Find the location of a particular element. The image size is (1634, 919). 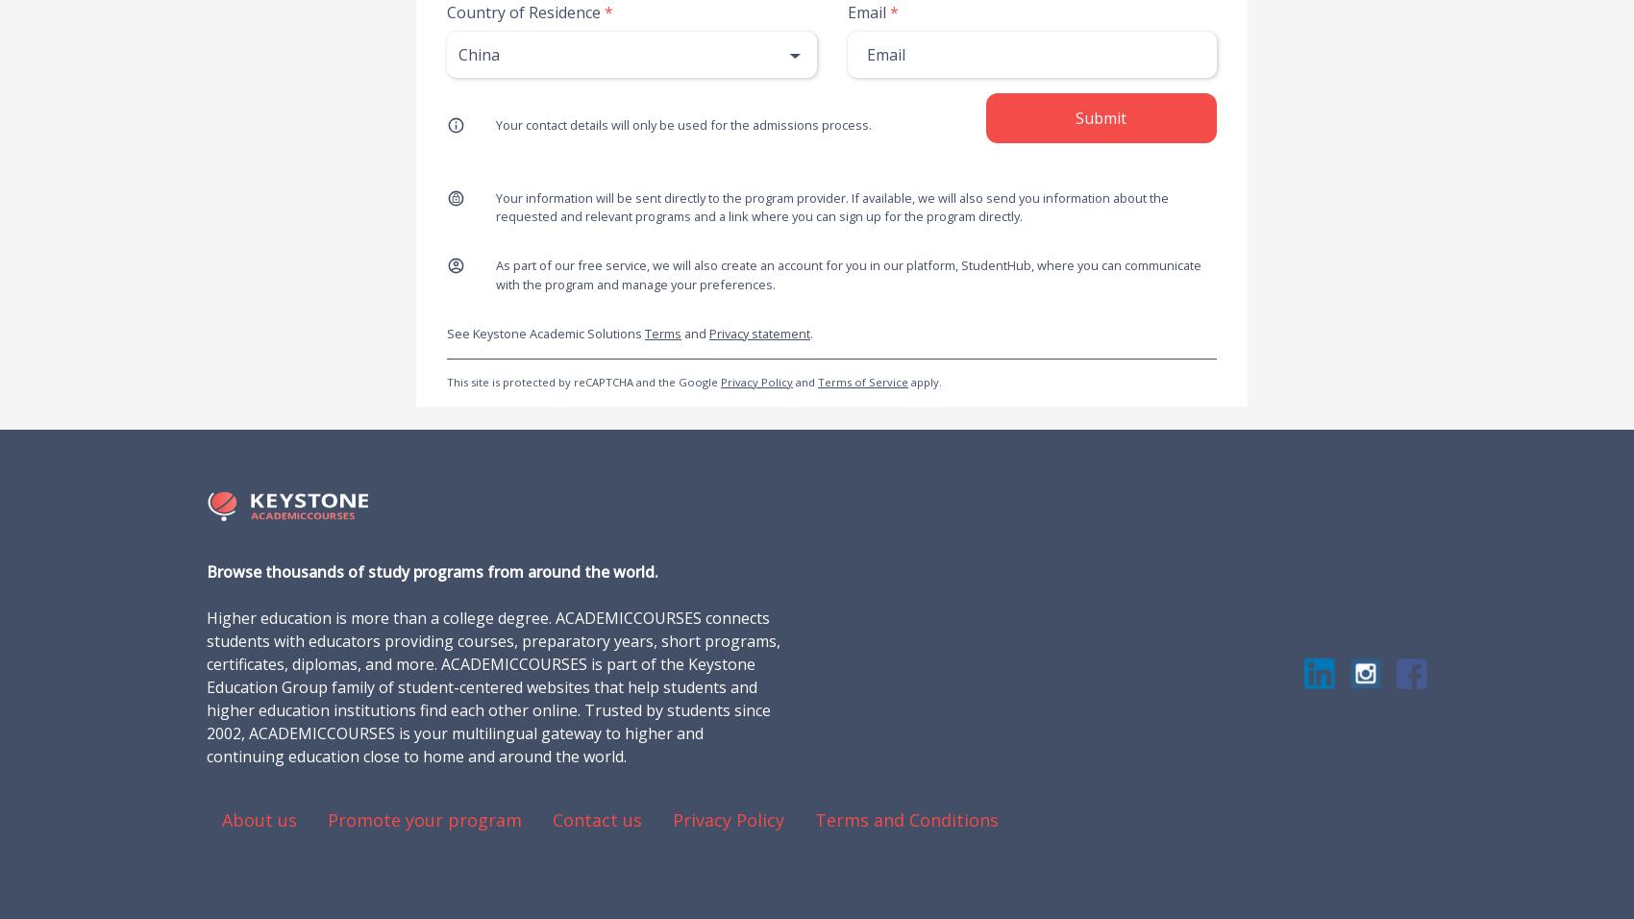

'Browse thousands of study programs from around the world.' is located at coordinates (207, 569).